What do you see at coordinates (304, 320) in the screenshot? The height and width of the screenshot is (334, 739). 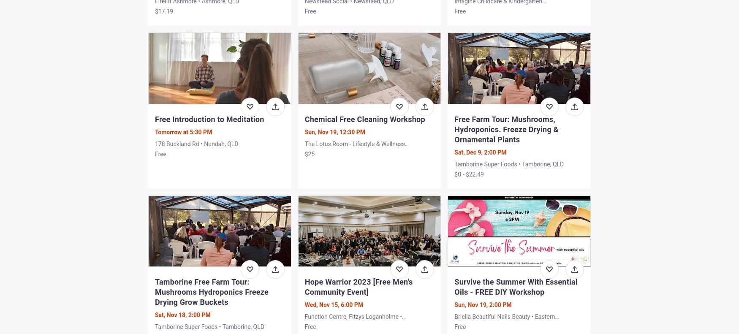 I see `'Function Centre, Fitzys Loganholme • Loganholme, QLD'` at bounding box center [304, 320].